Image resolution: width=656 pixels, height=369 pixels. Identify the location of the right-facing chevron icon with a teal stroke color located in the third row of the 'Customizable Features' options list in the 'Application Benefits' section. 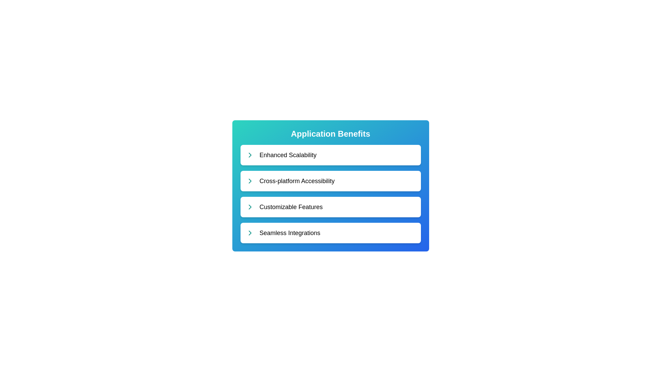
(249, 206).